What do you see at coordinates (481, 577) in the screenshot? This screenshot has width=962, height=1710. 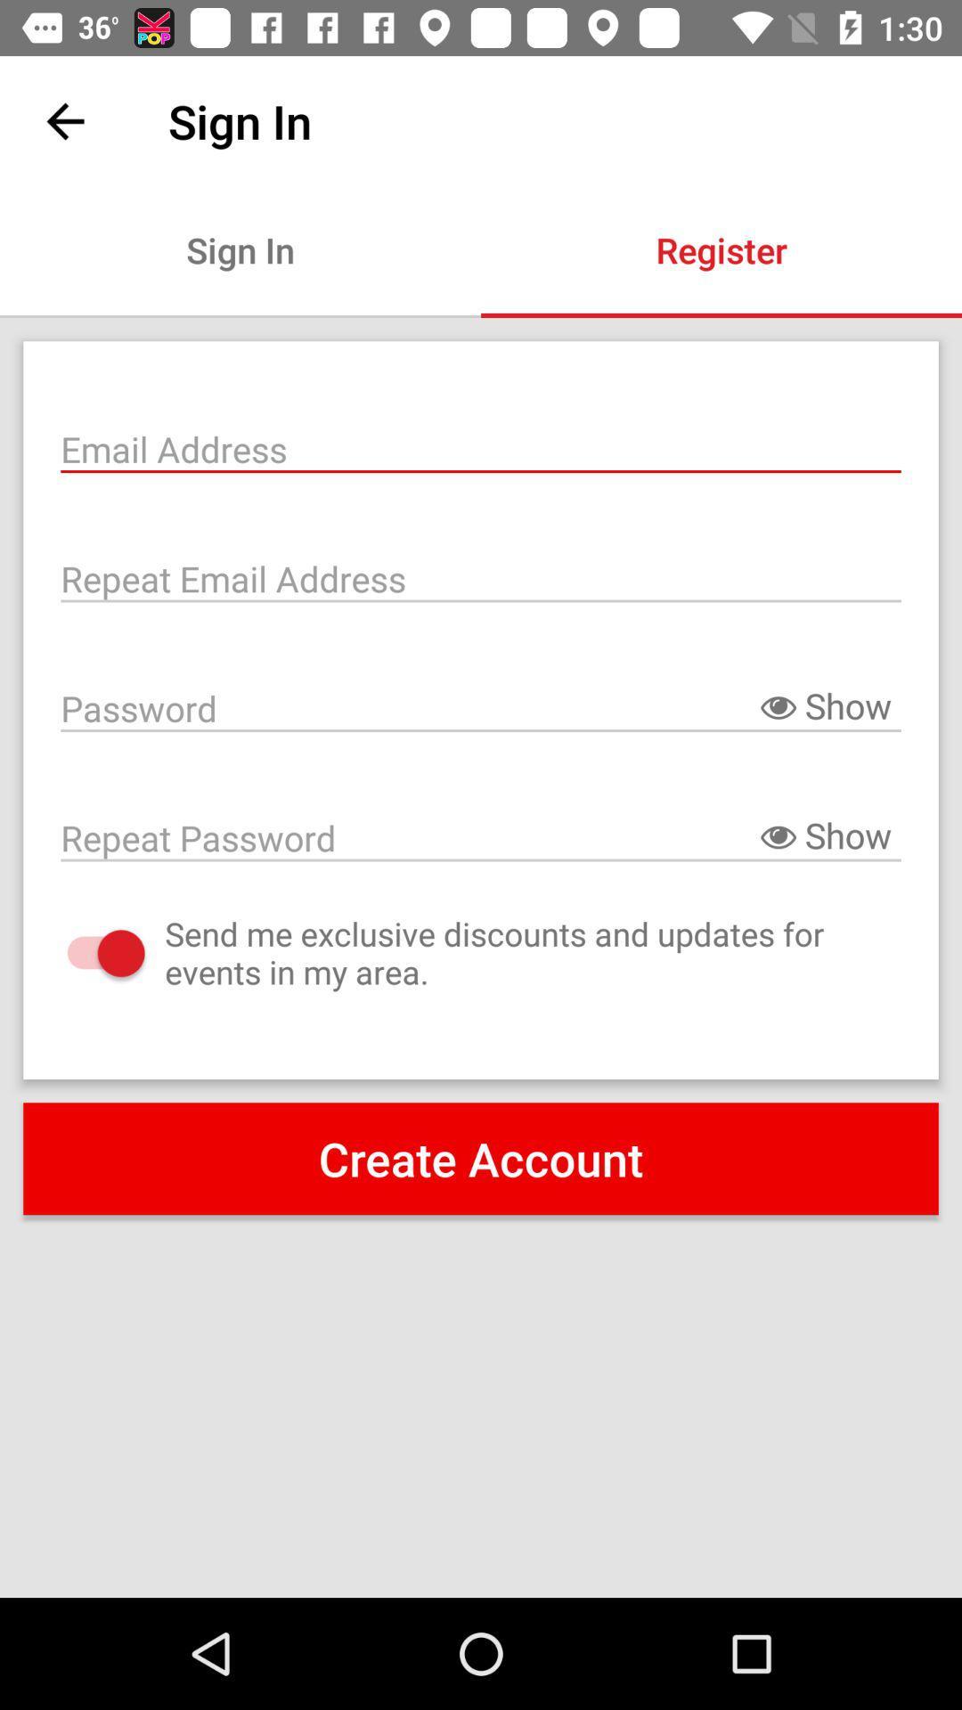 I see `re-enter email address` at bounding box center [481, 577].